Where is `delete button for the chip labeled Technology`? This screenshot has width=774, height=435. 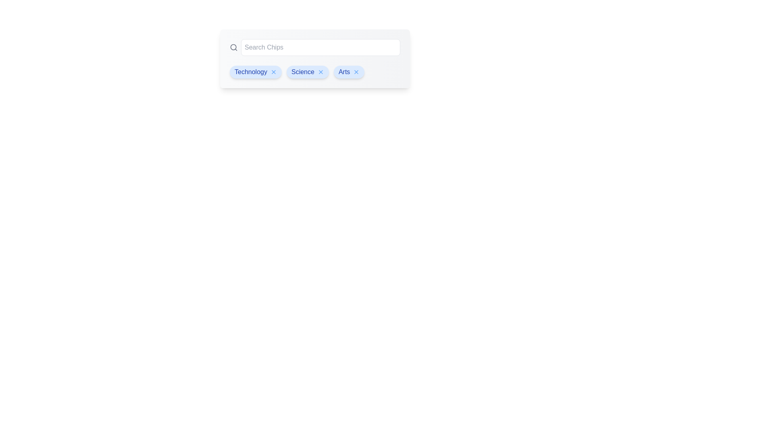 delete button for the chip labeled Technology is located at coordinates (273, 71).